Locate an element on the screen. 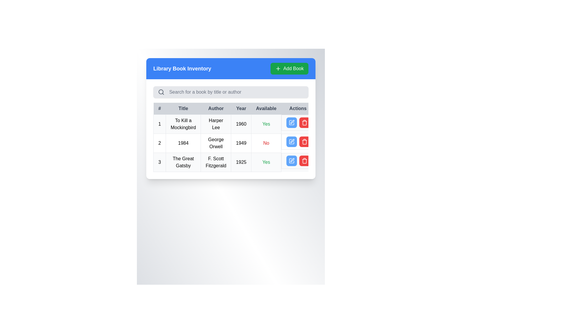 This screenshot has width=564, height=317. the delete button located in the 'Actions' column for the book entry 'To Kill a Mockingbird' is located at coordinates (304, 122).